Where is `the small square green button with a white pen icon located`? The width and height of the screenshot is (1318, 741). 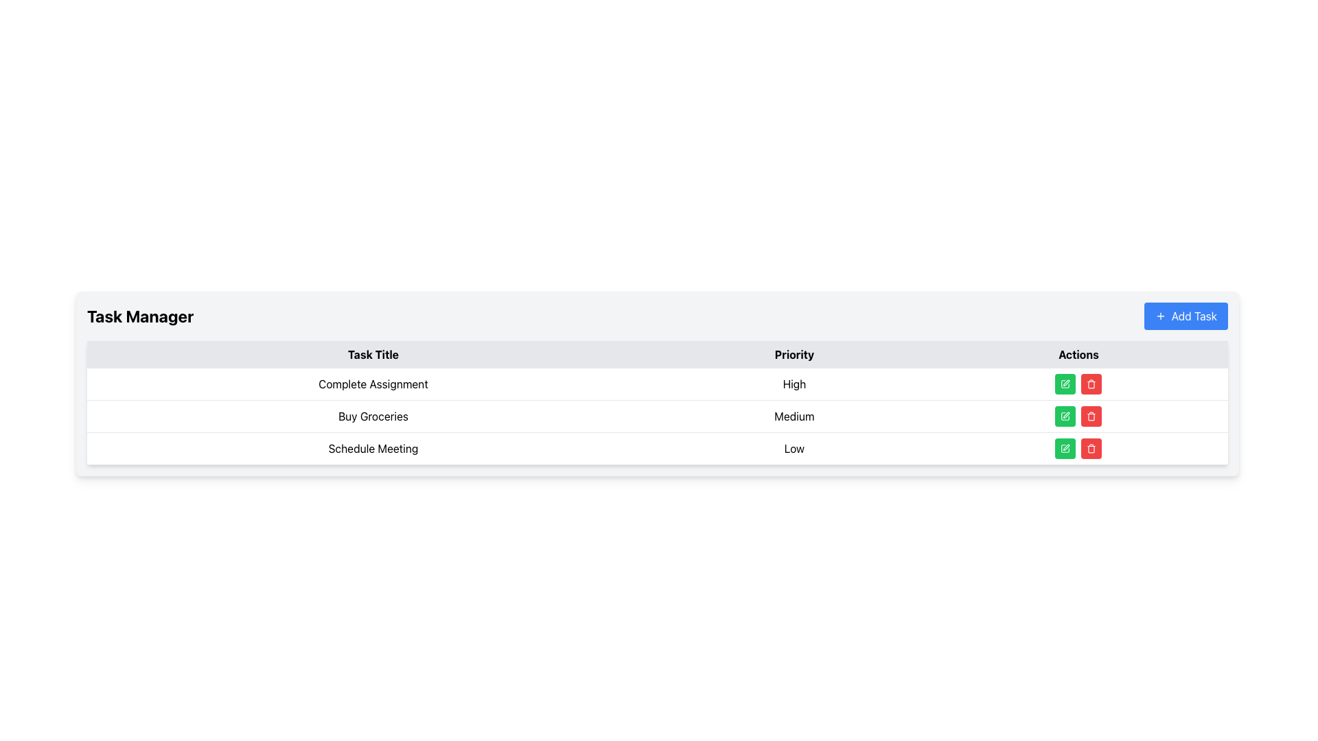 the small square green button with a white pen icon located is located at coordinates (1065, 415).